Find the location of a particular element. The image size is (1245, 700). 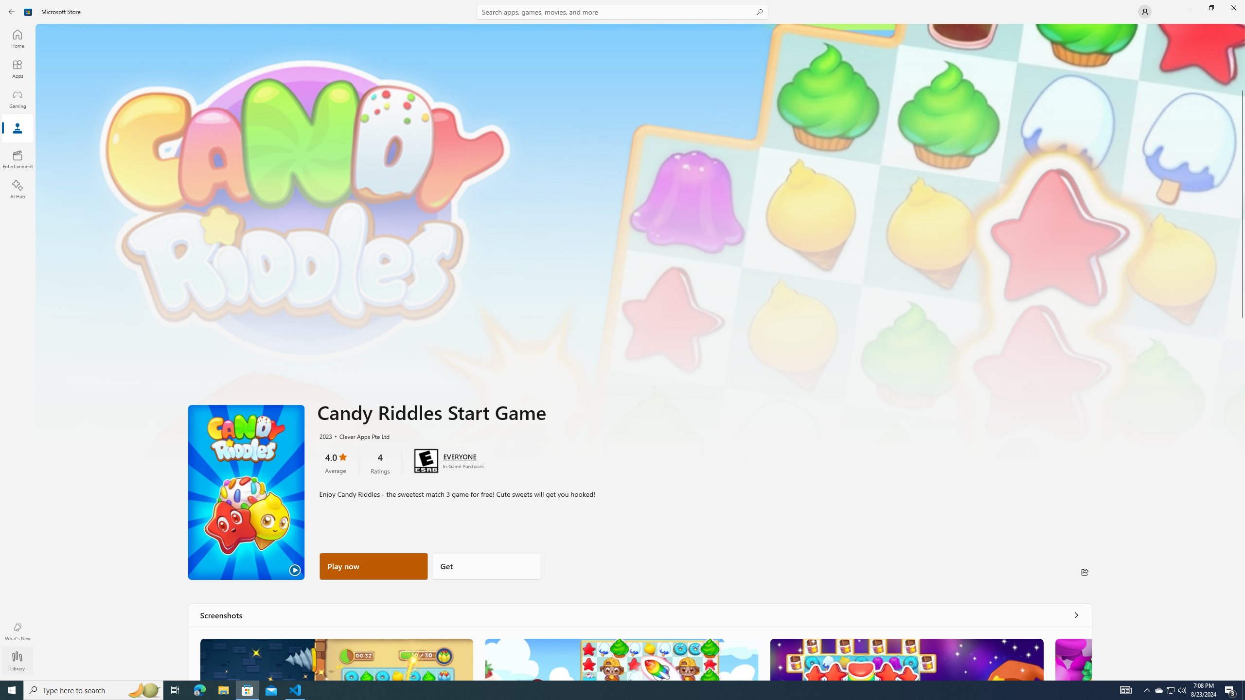

'Class: Image' is located at coordinates (14, 11).